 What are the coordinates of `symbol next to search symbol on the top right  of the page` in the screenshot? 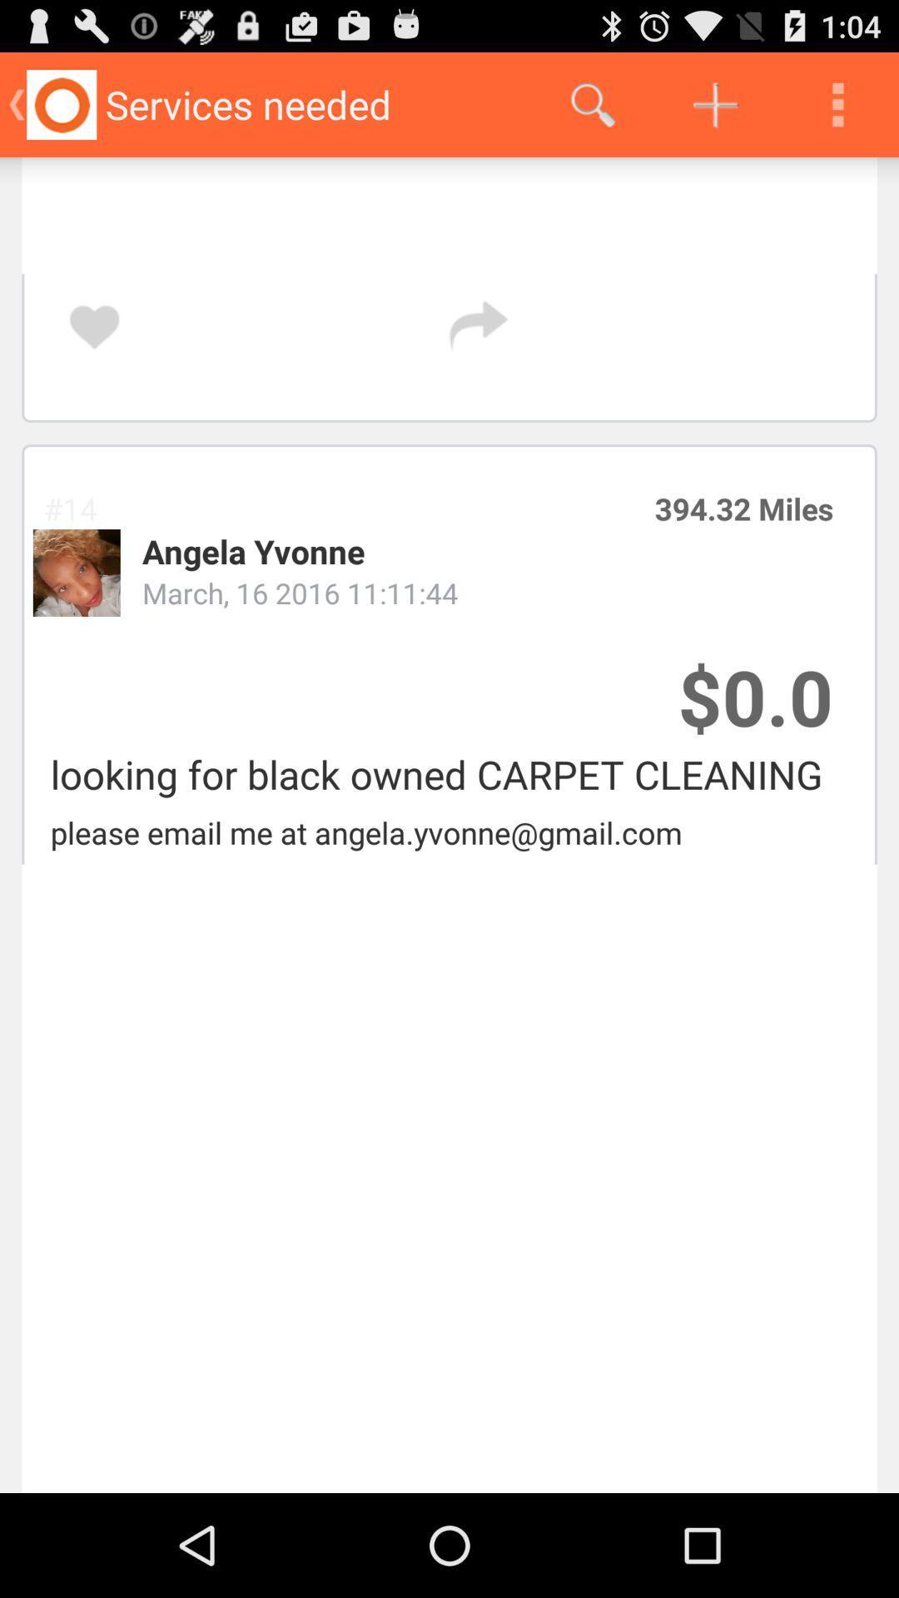 It's located at (714, 103).